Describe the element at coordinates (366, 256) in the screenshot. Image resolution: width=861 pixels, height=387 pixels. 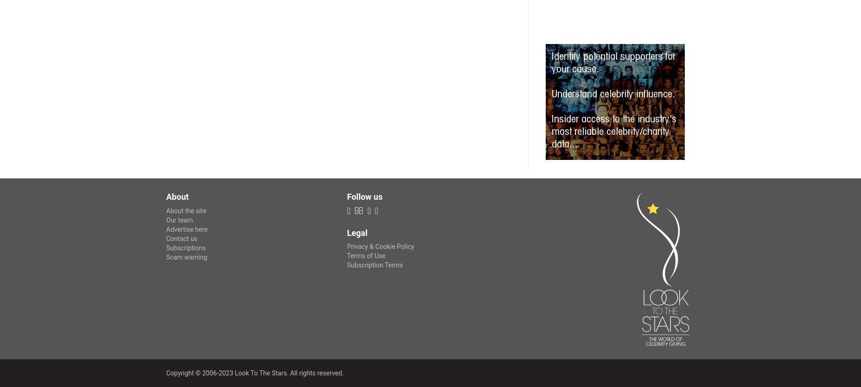
I see `'Terms of Use'` at that location.